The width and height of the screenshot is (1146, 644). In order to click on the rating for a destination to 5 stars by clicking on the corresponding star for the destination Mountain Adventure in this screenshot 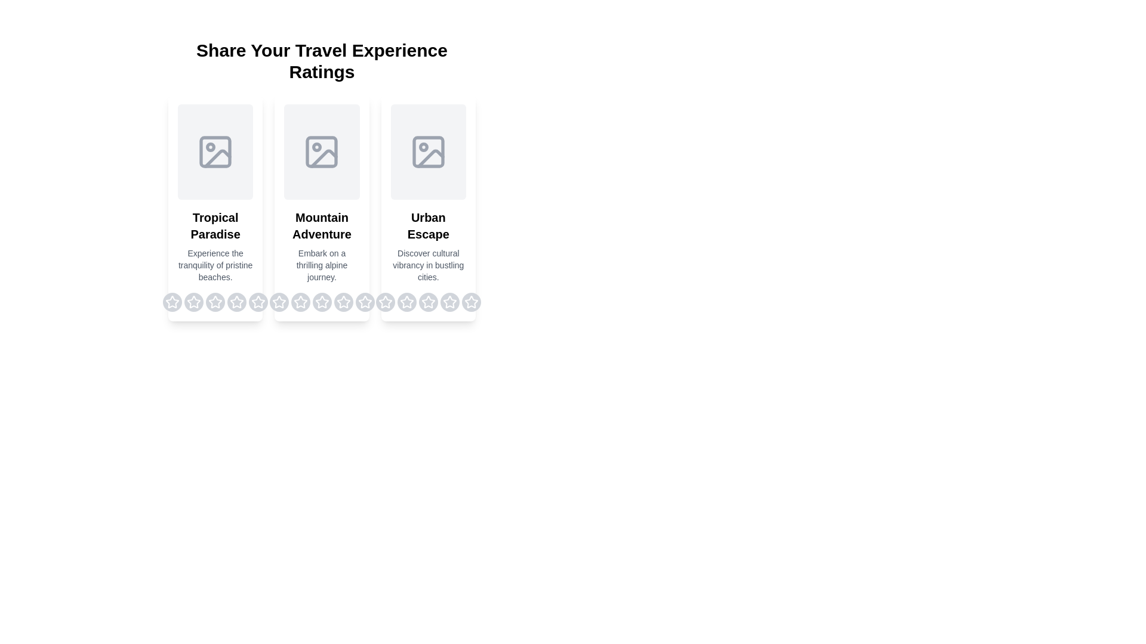, I will do `click(364, 301)`.